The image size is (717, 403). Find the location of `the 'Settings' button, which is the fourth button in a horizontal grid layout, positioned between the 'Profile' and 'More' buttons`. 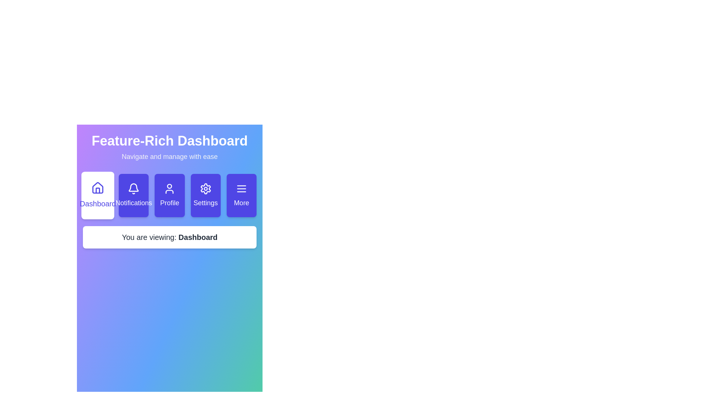

the 'Settings' button, which is the fourth button in a horizontal grid layout, positioned between the 'Profile' and 'More' buttons is located at coordinates (205, 195).